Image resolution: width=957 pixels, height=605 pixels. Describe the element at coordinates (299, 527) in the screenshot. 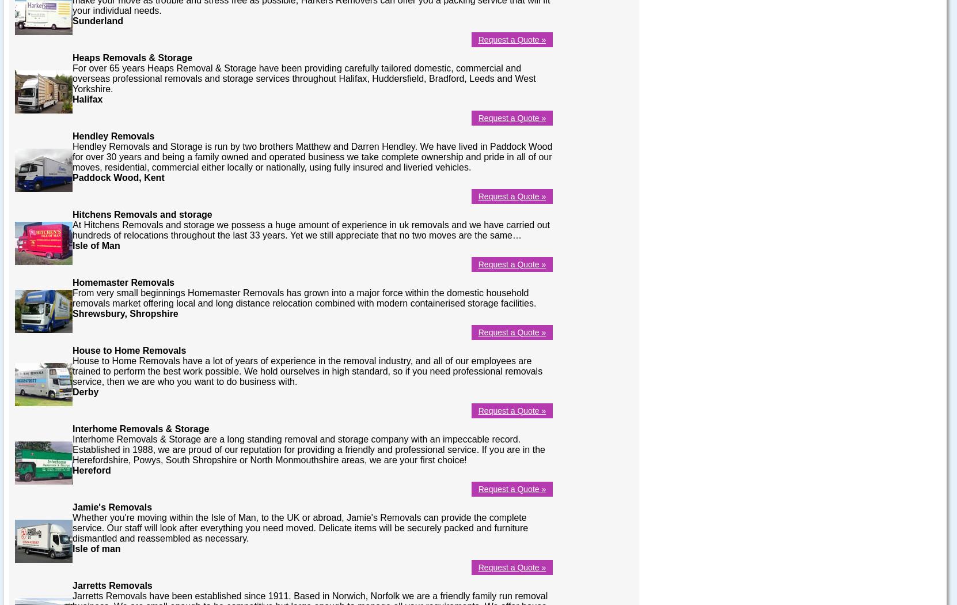

I see `'Whether you're moving within the Isle of Man, to the UK or abroad, Jamie's Removals can provide the complete service.

Our staff will look after everything you need moved. Delicate items will be securely packed and furniture dismantled and reassembled as necessary.'` at that location.